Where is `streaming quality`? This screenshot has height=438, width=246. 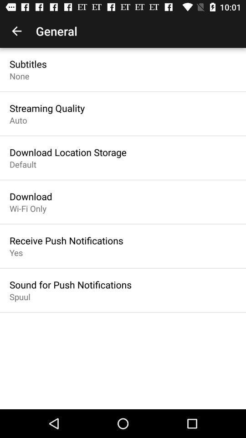
streaming quality is located at coordinates (47, 108).